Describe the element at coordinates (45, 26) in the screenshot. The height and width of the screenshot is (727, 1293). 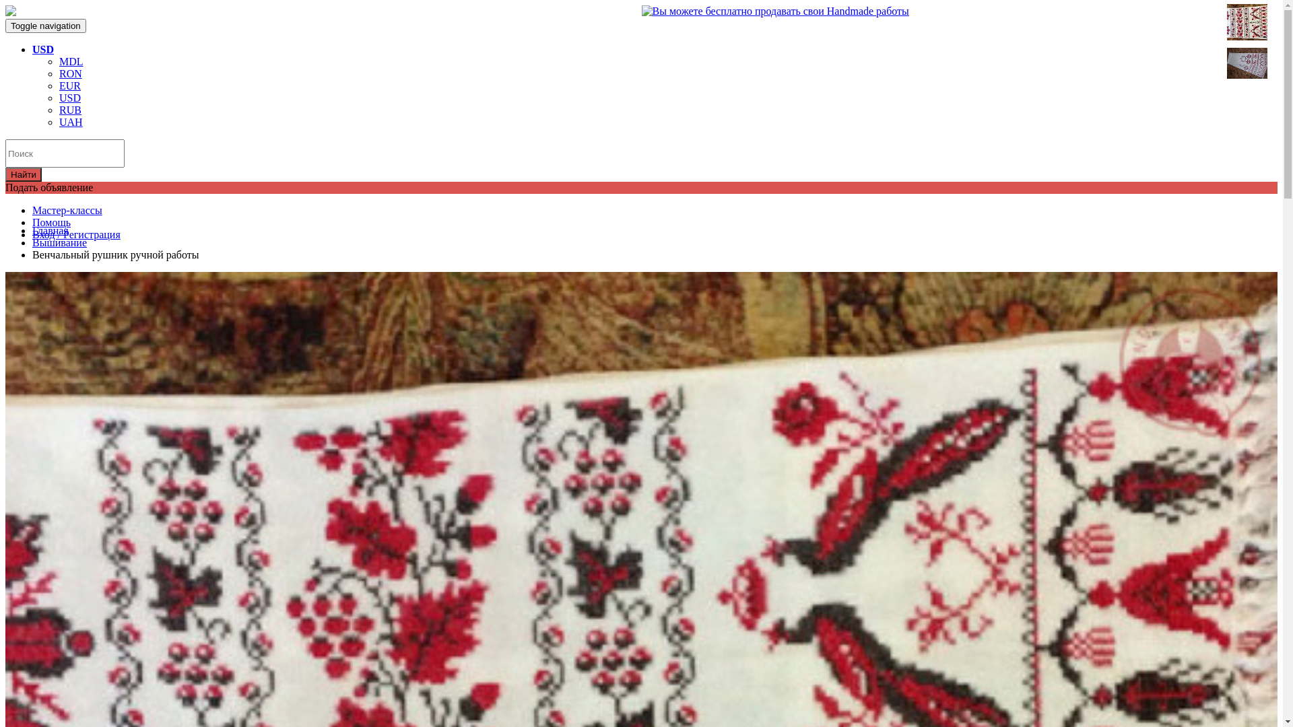
I see `'Toggle navigation'` at that location.